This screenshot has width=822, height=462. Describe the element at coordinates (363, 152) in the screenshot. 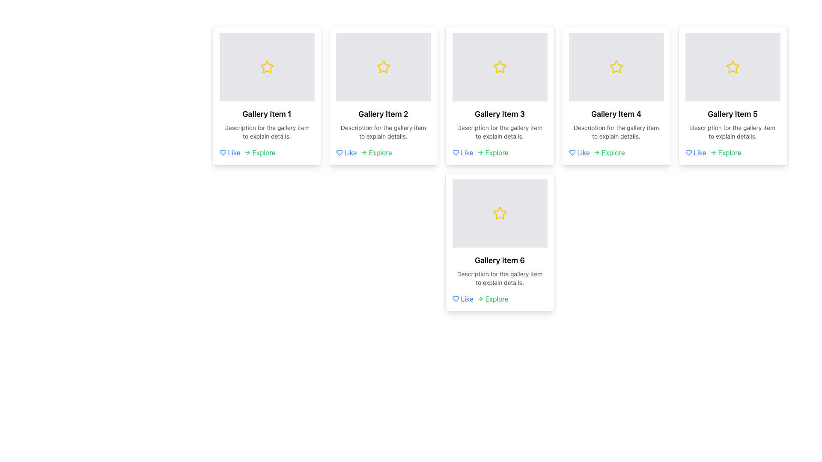

I see `the green right-pointing arrow icon located in the 'Explore' section, which is positioned to the right of the word 'Explore' and is part of the second gallery item` at that location.